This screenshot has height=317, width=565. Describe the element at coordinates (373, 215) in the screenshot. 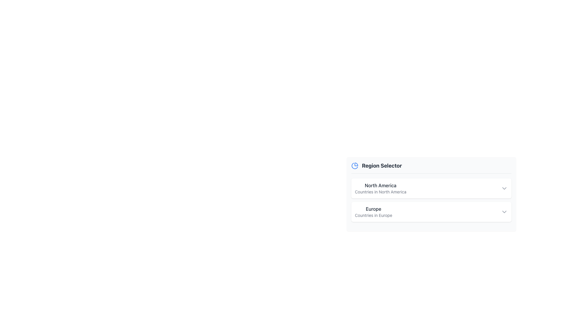

I see `the descriptive text label located directly below the 'Europe' text in the 'Region Selector' interface` at that location.